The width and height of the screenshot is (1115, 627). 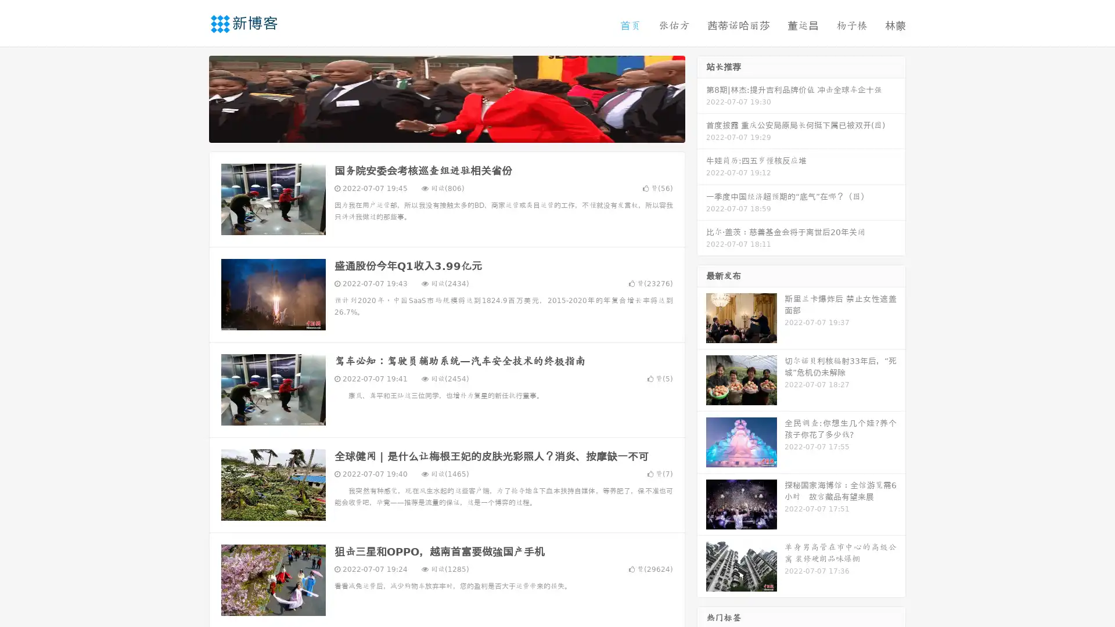 What do you see at coordinates (434, 131) in the screenshot?
I see `Go to slide 1` at bounding box center [434, 131].